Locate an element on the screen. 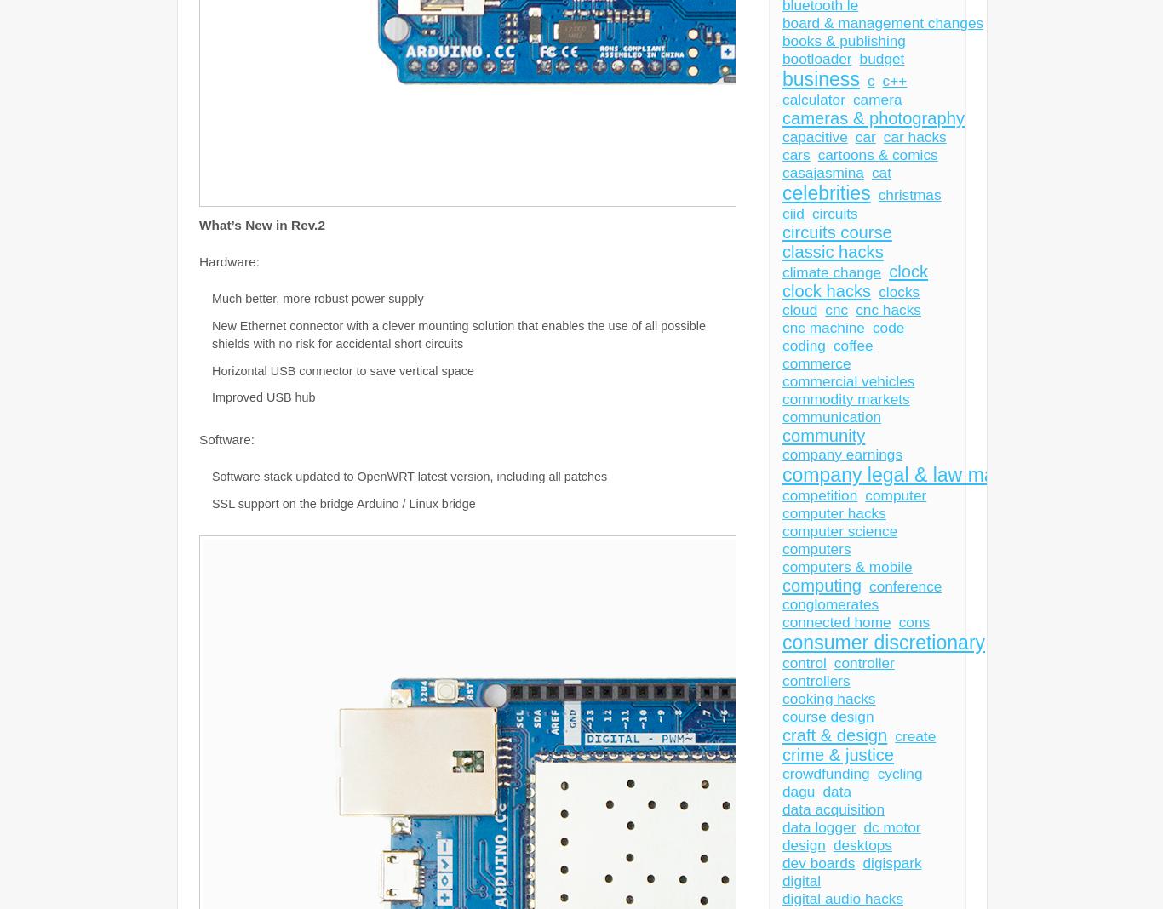 This screenshot has height=909, width=1163. 'casajasmina' is located at coordinates (782, 173).